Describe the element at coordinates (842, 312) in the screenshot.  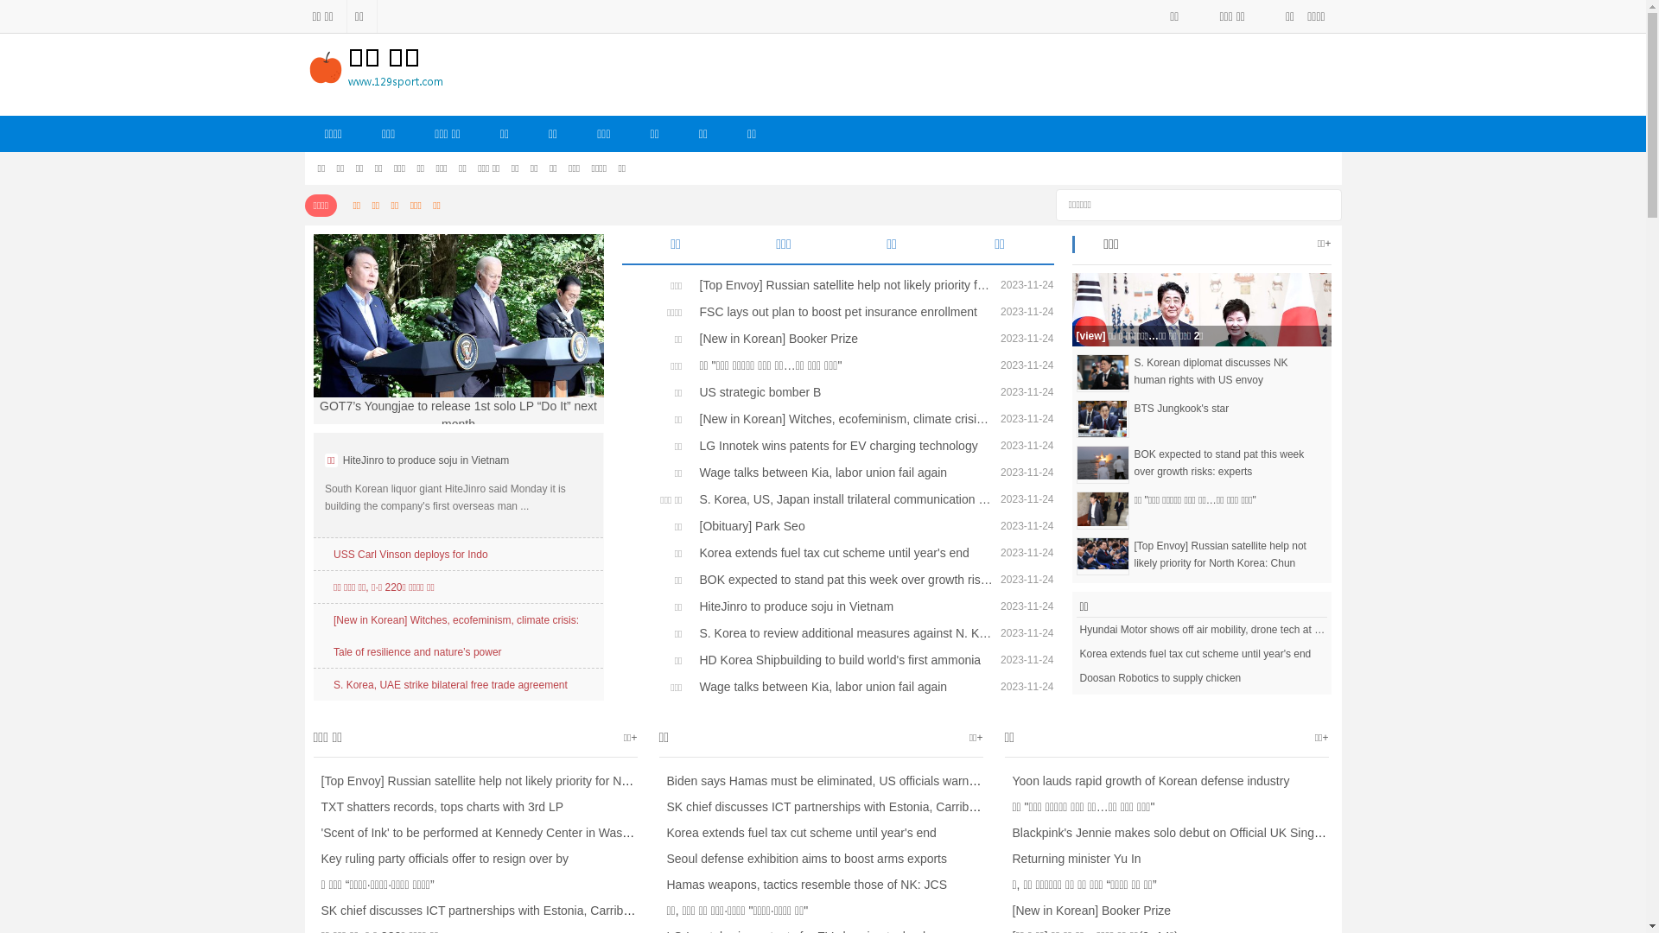
I see `'FSC lays out plan to boost pet insurance enrollment'` at that location.